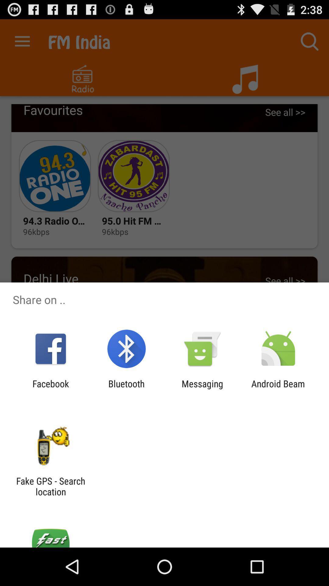  Describe the element at coordinates (278, 389) in the screenshot. I see `android beam` at that location.